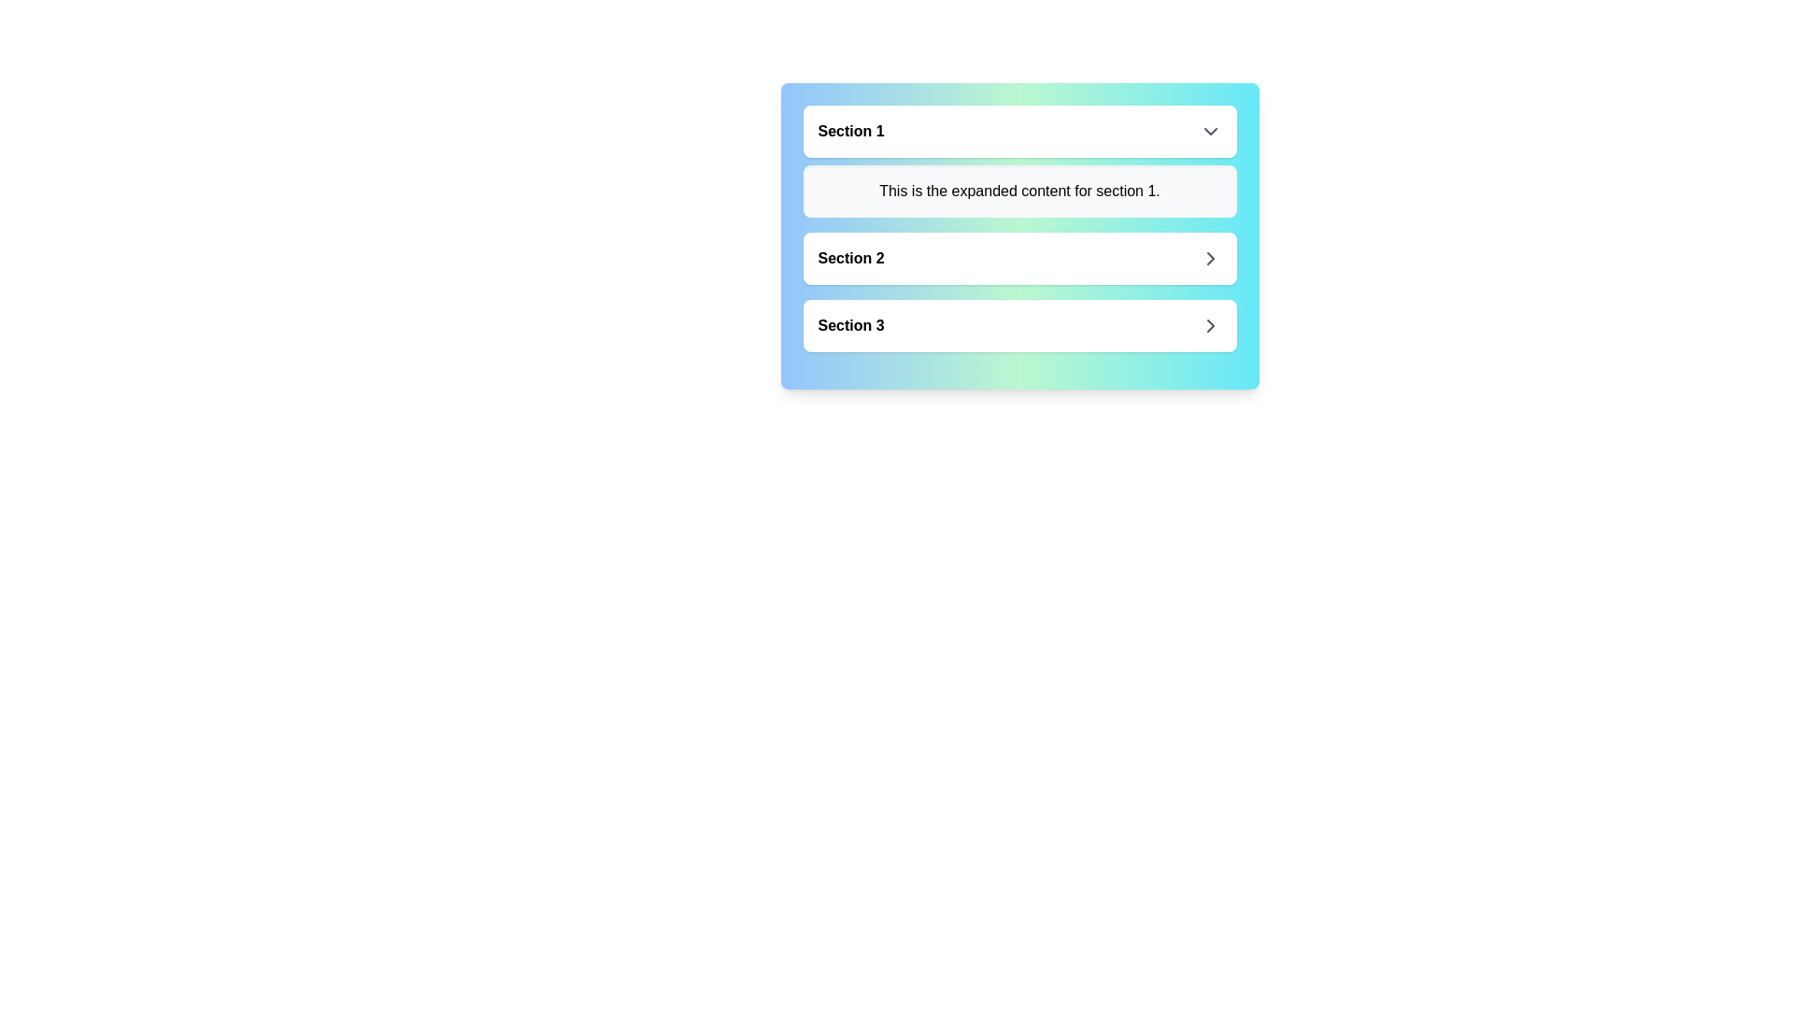 Image resolution: width=1794 pixels, height=1009 pixels. Describe the element at coordinates (850, 324) in the screenshot. I see `the text label displaying 'Section 3' which is positioned inside the third interactive box in the list of sections` at that location.